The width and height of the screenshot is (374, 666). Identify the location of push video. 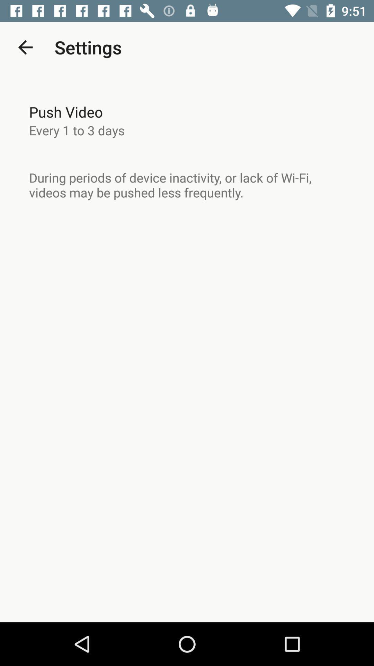
(66, 112).